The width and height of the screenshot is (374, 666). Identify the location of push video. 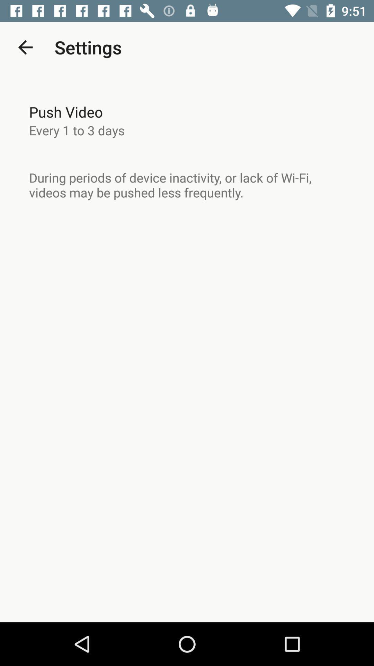
(66, 112).